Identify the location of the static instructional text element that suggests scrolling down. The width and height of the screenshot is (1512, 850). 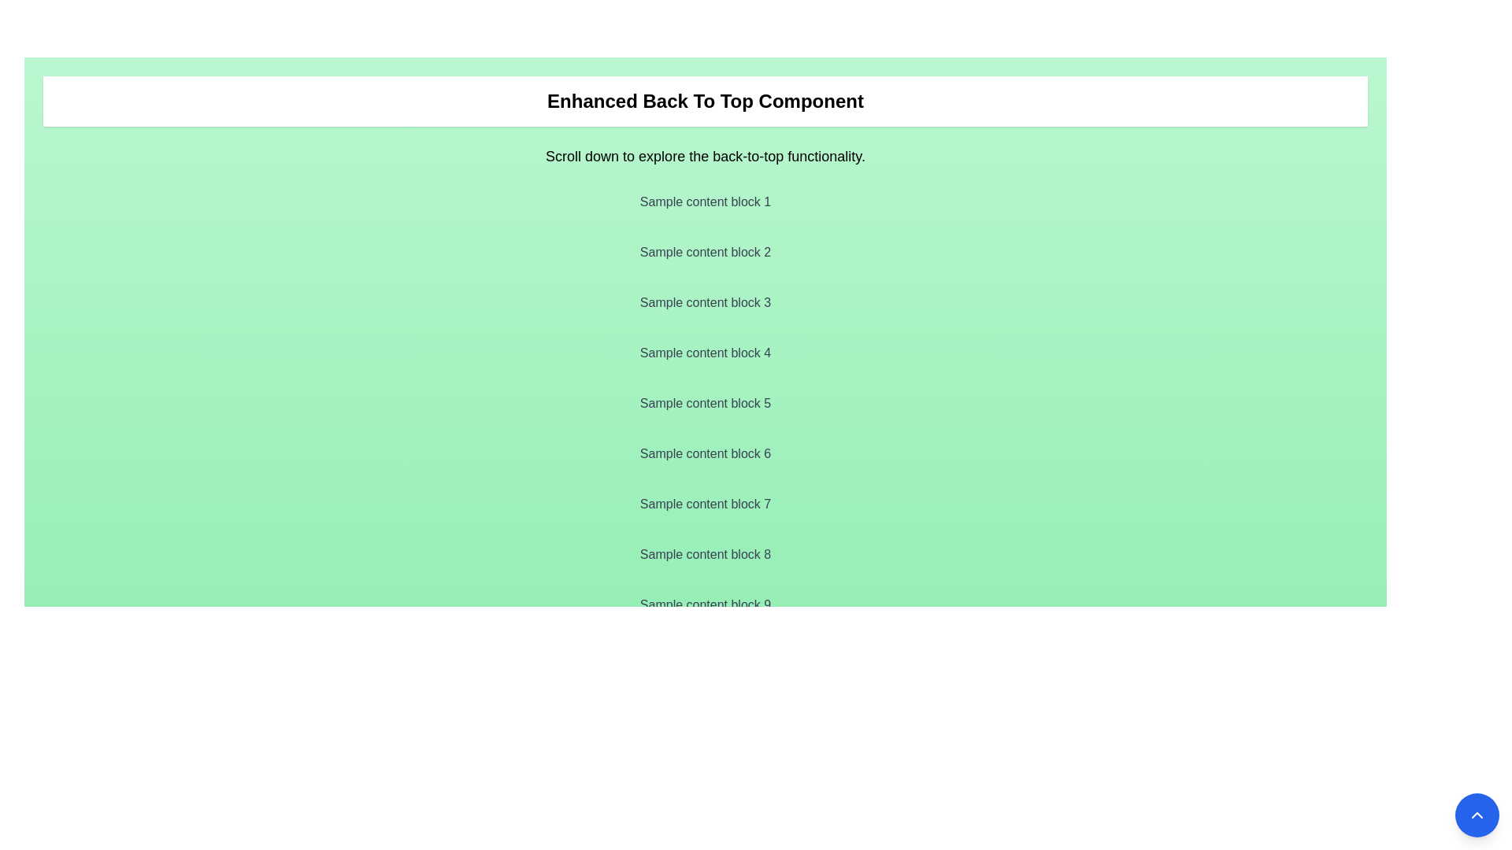
(705, 157).